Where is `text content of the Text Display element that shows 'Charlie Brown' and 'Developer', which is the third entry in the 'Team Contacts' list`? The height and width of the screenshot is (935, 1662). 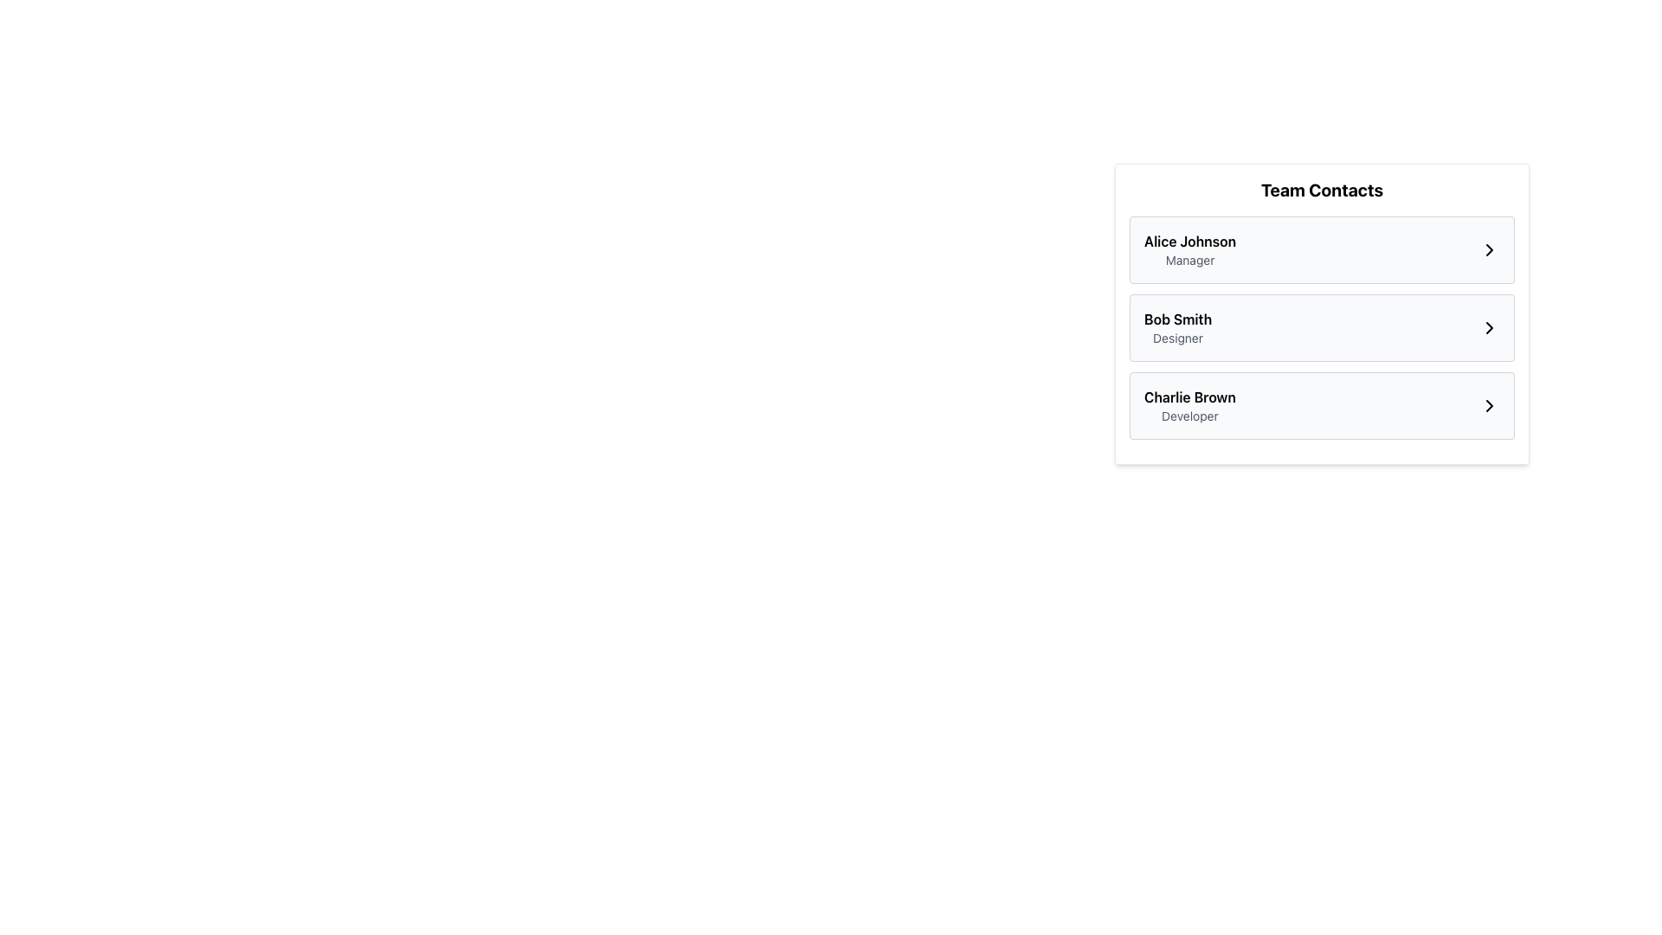
text content of the Text Display element that shows 'Charlie Brown' and 'Developer', which is the third entry in the 'Team Contacts' list is located at coordinates (1189, 406).